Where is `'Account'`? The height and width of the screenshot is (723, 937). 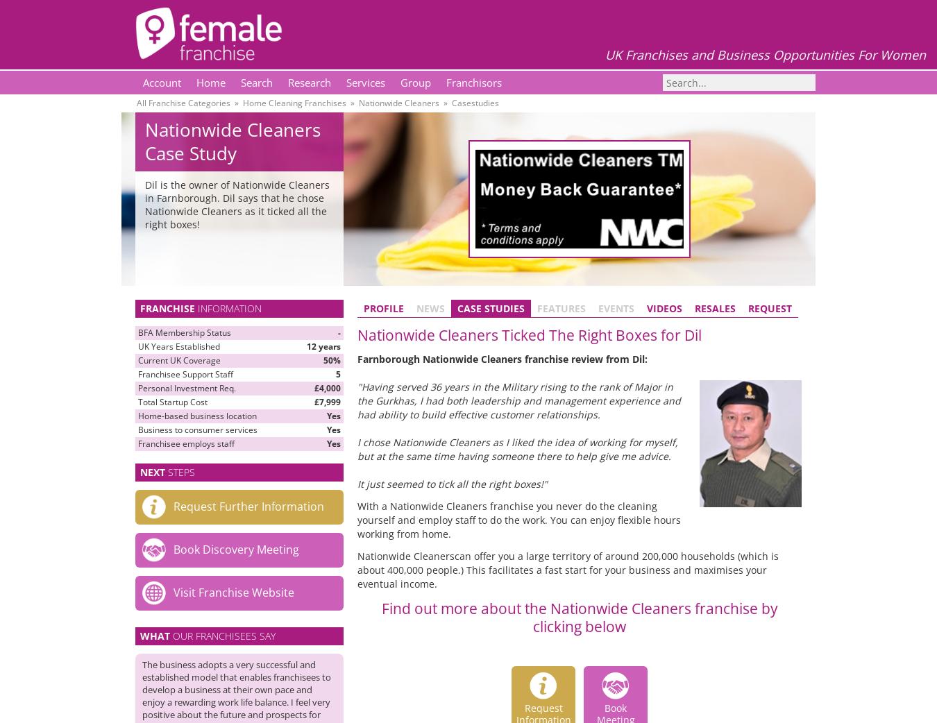
'Account' is located at coordinates (161, 82).